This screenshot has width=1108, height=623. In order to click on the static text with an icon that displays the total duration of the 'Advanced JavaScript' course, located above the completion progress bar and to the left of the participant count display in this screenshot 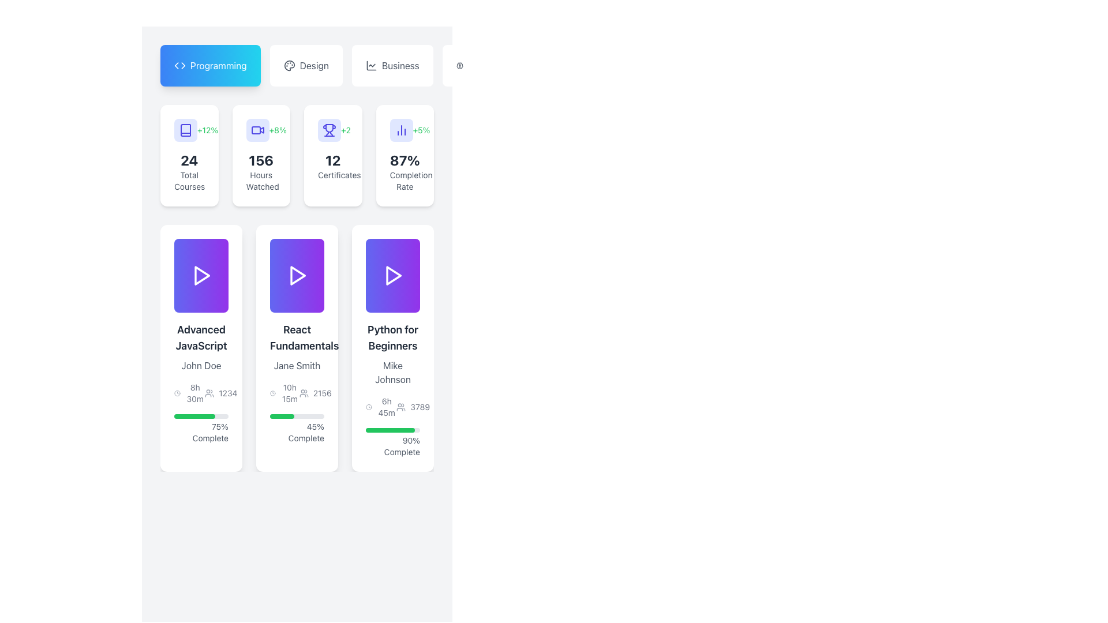, I will do `click(189, 393)`.